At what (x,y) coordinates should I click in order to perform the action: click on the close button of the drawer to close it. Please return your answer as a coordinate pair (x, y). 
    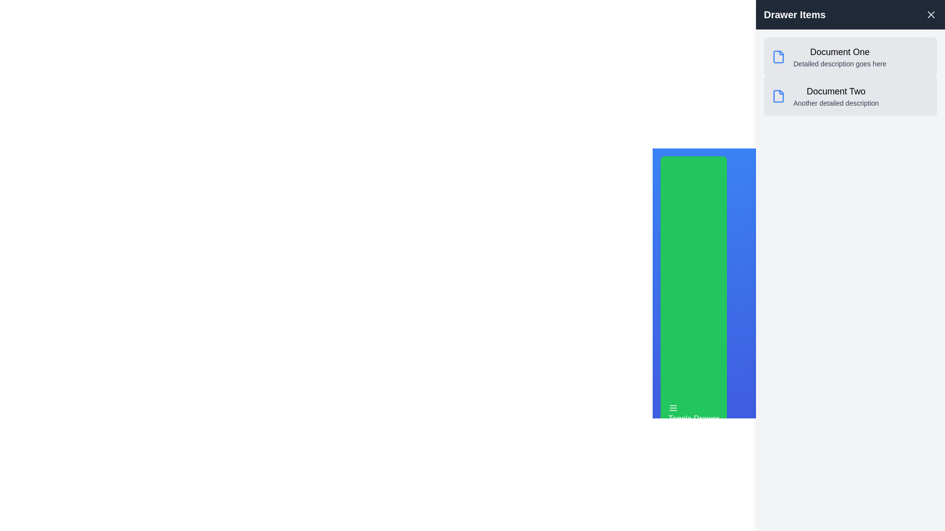
    Looking at the image, I should click on (930, 15).